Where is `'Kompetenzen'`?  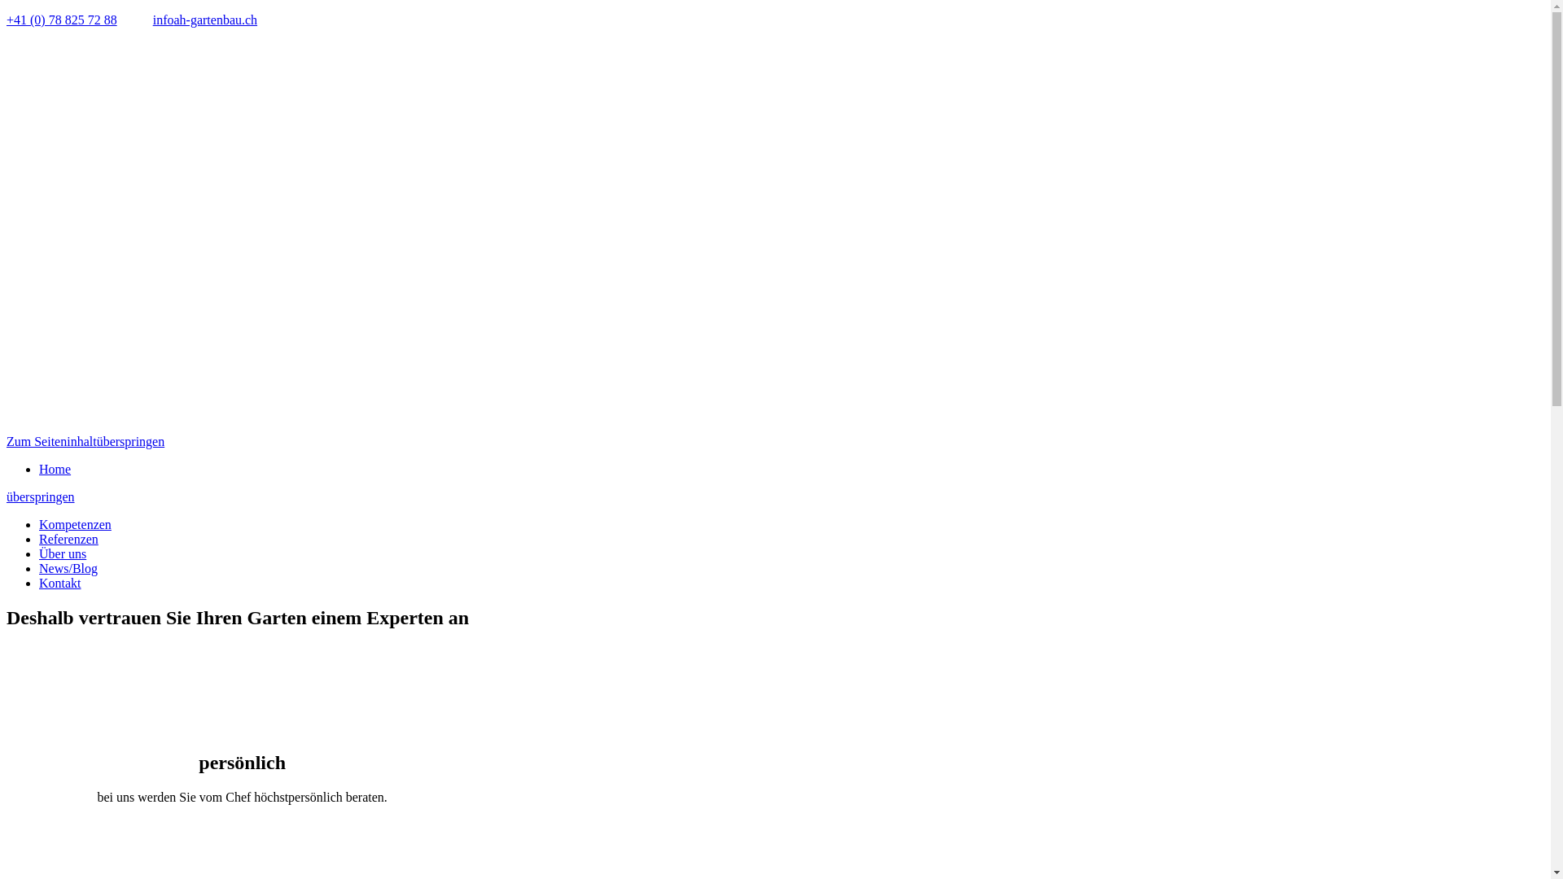
'Kompetenzen' is located at coordinates (74, 524).